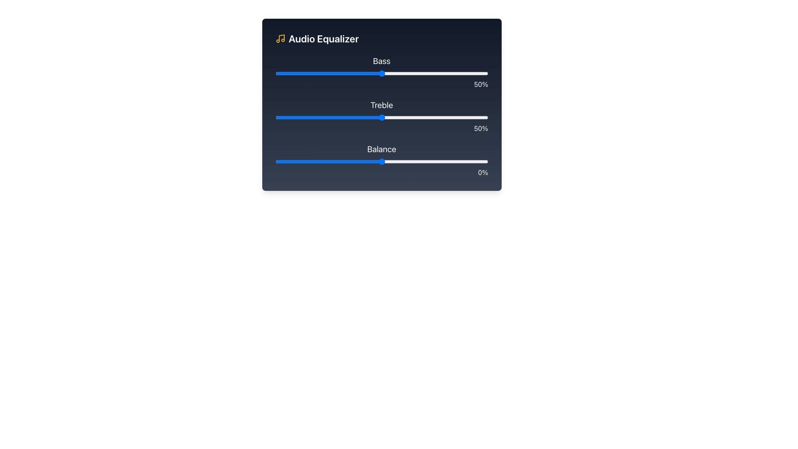  I want to click on balance, so click(350, 162).